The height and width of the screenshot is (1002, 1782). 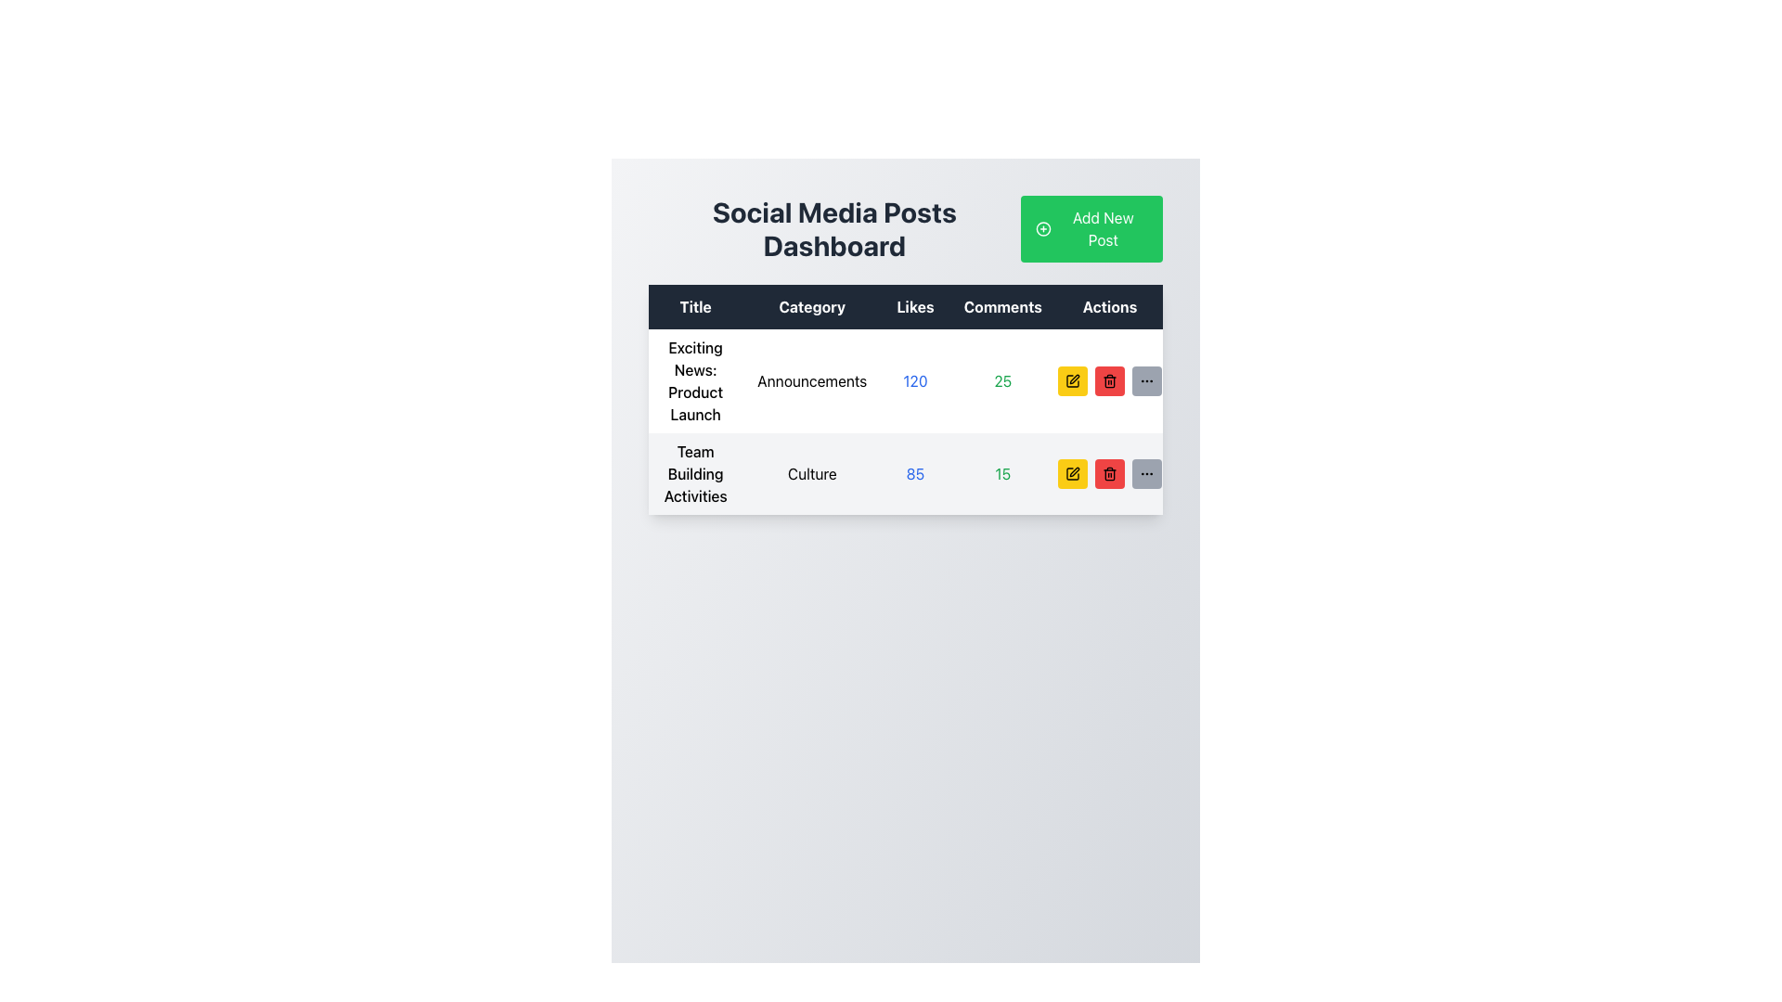 I want to click on the menu button in the 'Actions' column of the first row of the table, so click(x=1146, y=472).